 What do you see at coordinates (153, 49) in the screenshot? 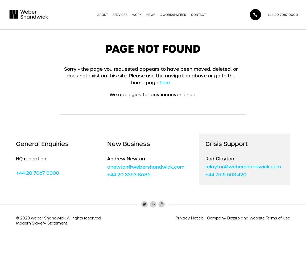
I see `'Page not found'` at bounding box center [153, 49].